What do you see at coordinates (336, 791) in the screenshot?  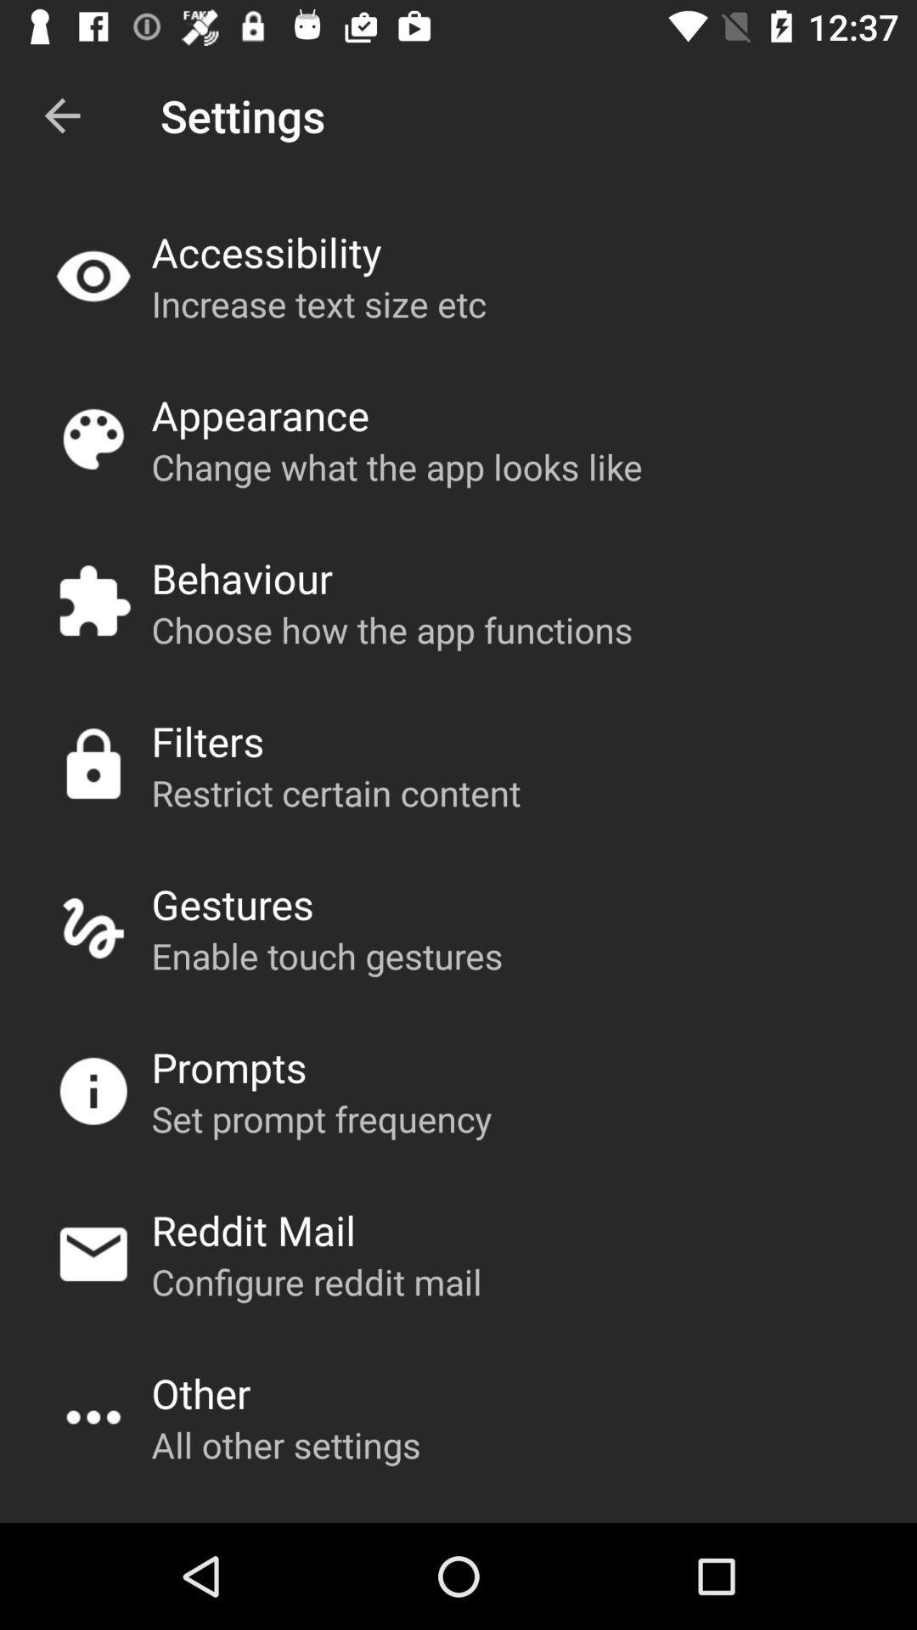 I see `app above the gestures item` at bounding box center [336, 791].